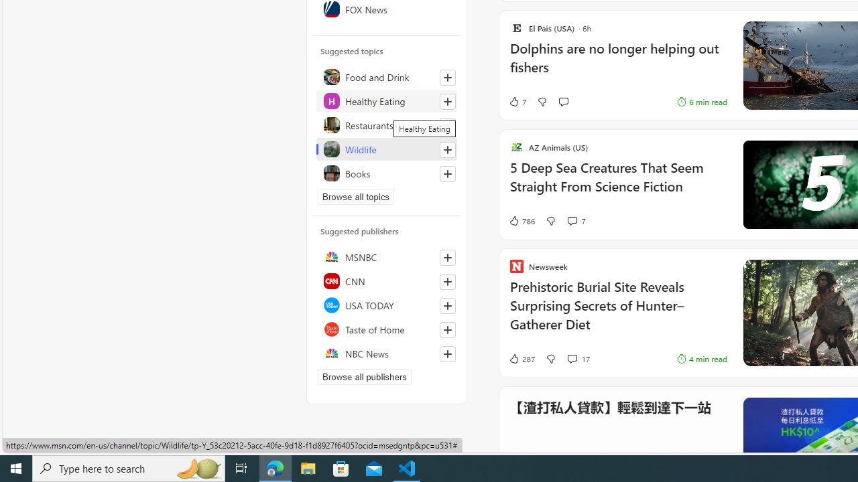 This screenshot has width=858, height=482. What do you see at coordinates (386, 125) in the screenshot?
I see `'Restaurants'` at bounding box center [386, 125].